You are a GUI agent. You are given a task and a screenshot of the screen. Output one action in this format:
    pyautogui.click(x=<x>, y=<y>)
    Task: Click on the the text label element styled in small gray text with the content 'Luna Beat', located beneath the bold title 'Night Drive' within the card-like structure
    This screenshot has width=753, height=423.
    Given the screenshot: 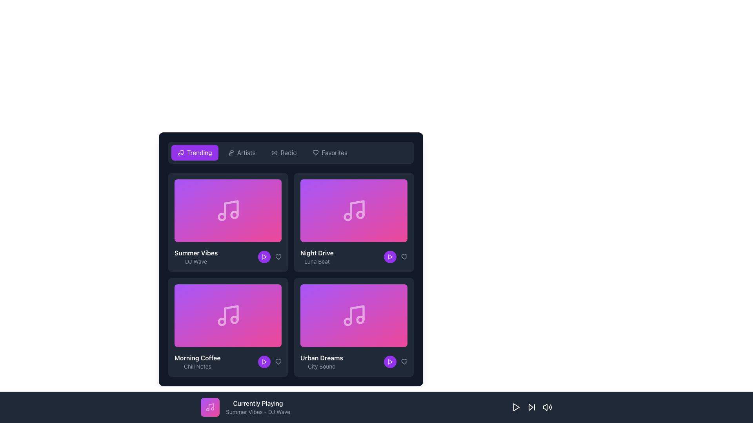 What is the action you would take?
    pyautogui.click(x=317, y=261)
    